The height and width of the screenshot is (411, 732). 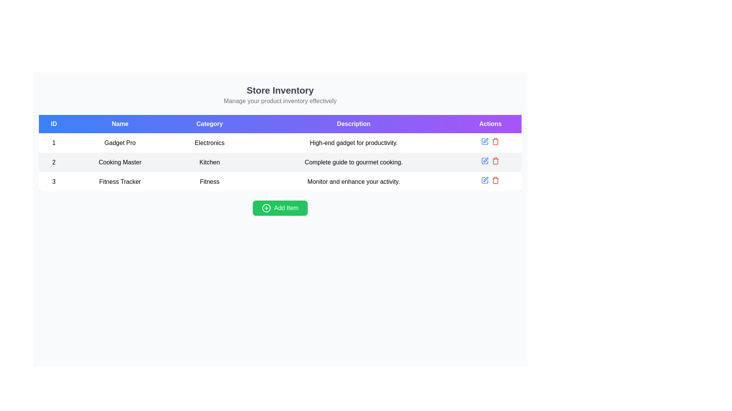 What do you see at coordinates (209, 182) in the screenshot?
I see `the 'Fitness' label located in the 'Category' column of the third row in the tabular list, which is positioned to the right of the 'Fitness Tracker' label` at bounding box center [209, 182].